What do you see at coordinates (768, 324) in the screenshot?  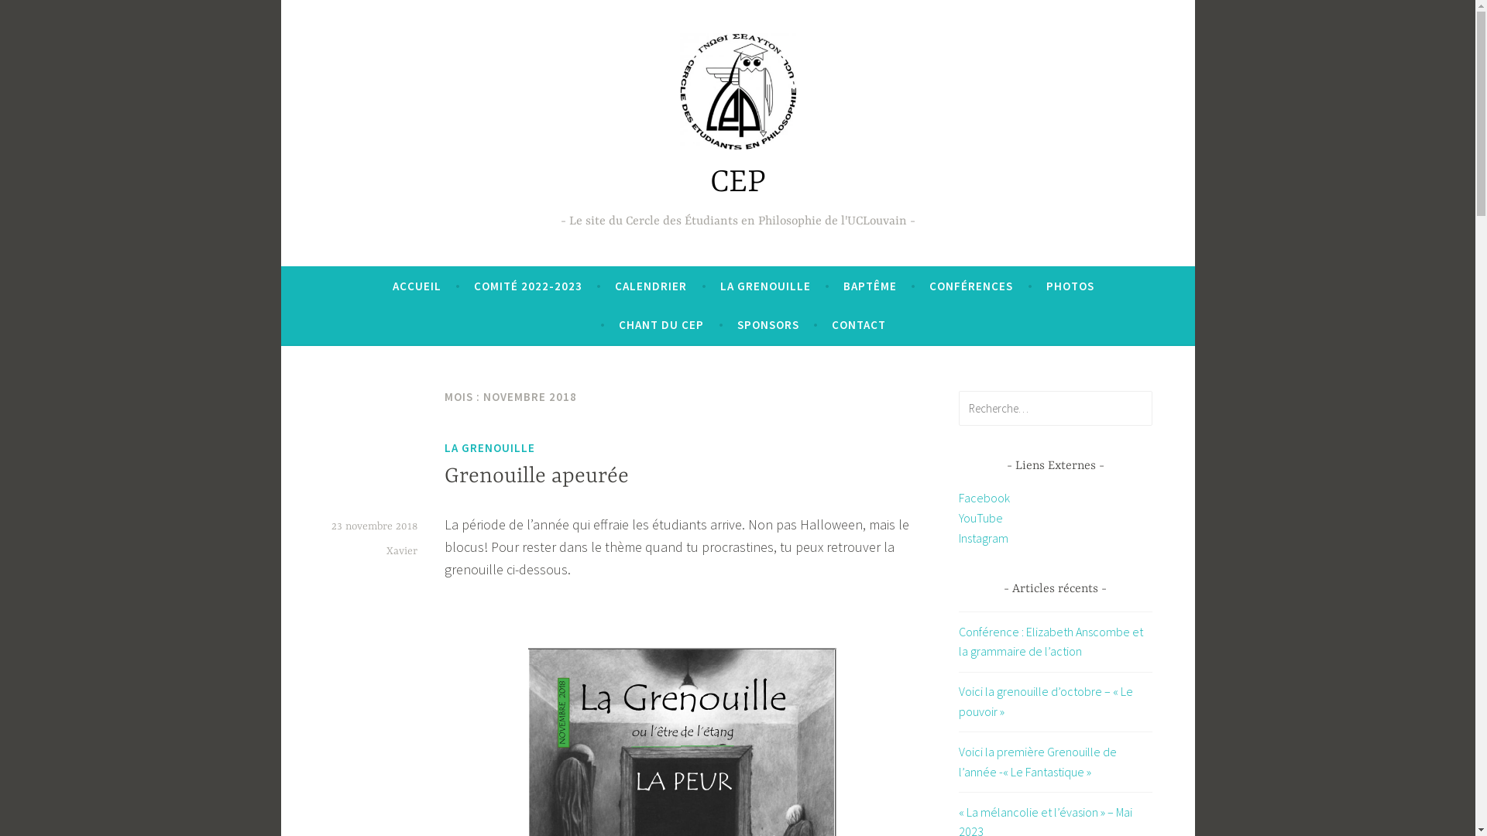 I see `'SPONSORS'` at bounding box center [768, 324].